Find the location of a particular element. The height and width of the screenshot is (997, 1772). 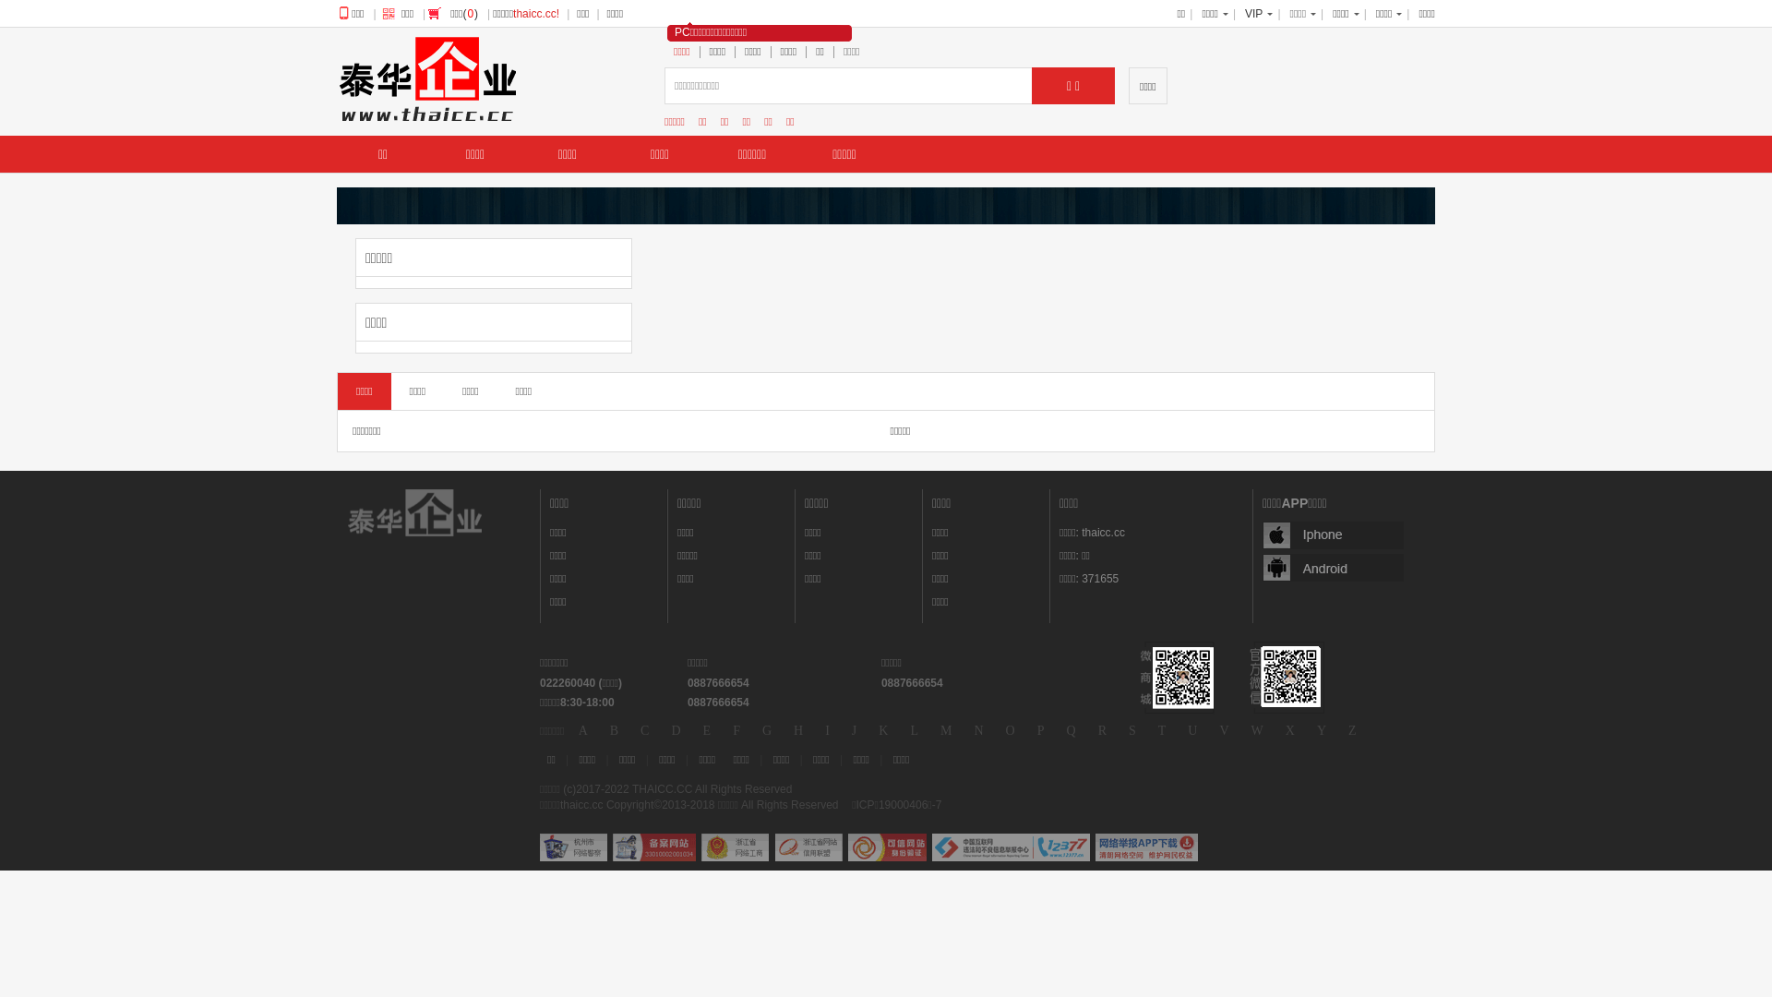

'H' is located at coordinates (797, 729).